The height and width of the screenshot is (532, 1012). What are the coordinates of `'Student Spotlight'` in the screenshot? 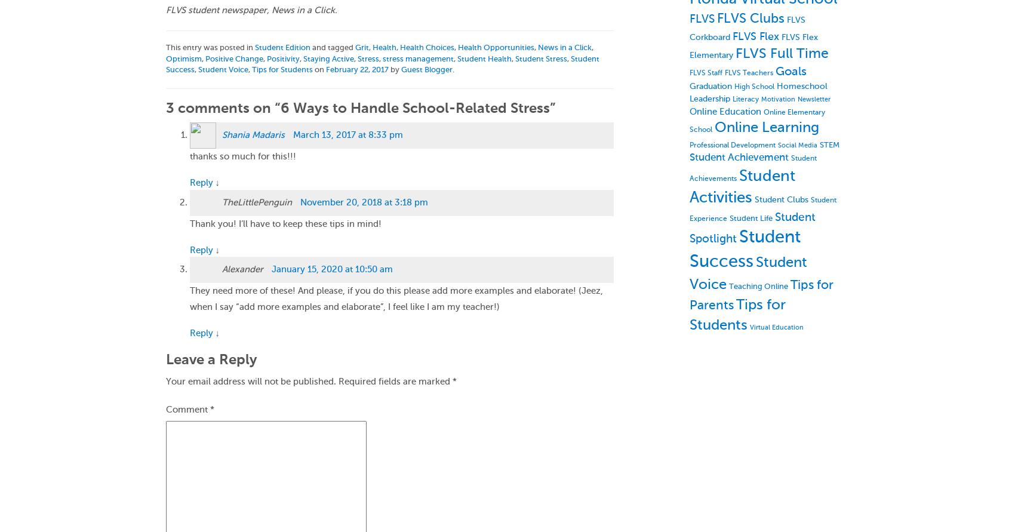 It's located at (688, 227).